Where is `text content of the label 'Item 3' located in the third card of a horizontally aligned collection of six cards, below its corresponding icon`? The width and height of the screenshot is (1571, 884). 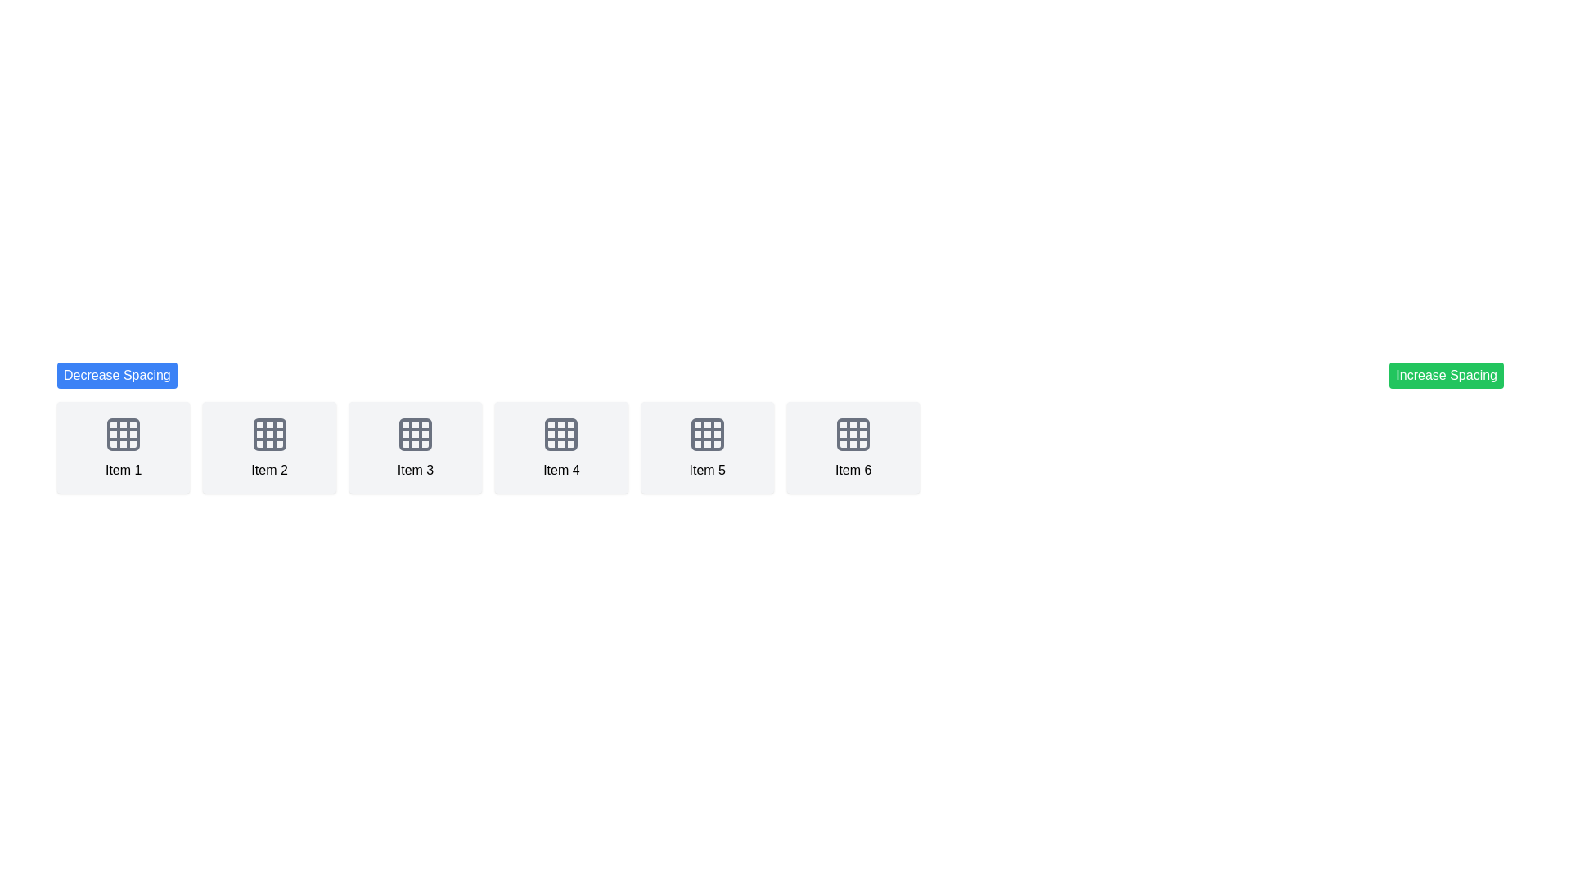 text content of the label 'Item 3' located in the third card of a horizontally aligned collection of six cards, below its corresponding icon is located at coordinates (416, 470).